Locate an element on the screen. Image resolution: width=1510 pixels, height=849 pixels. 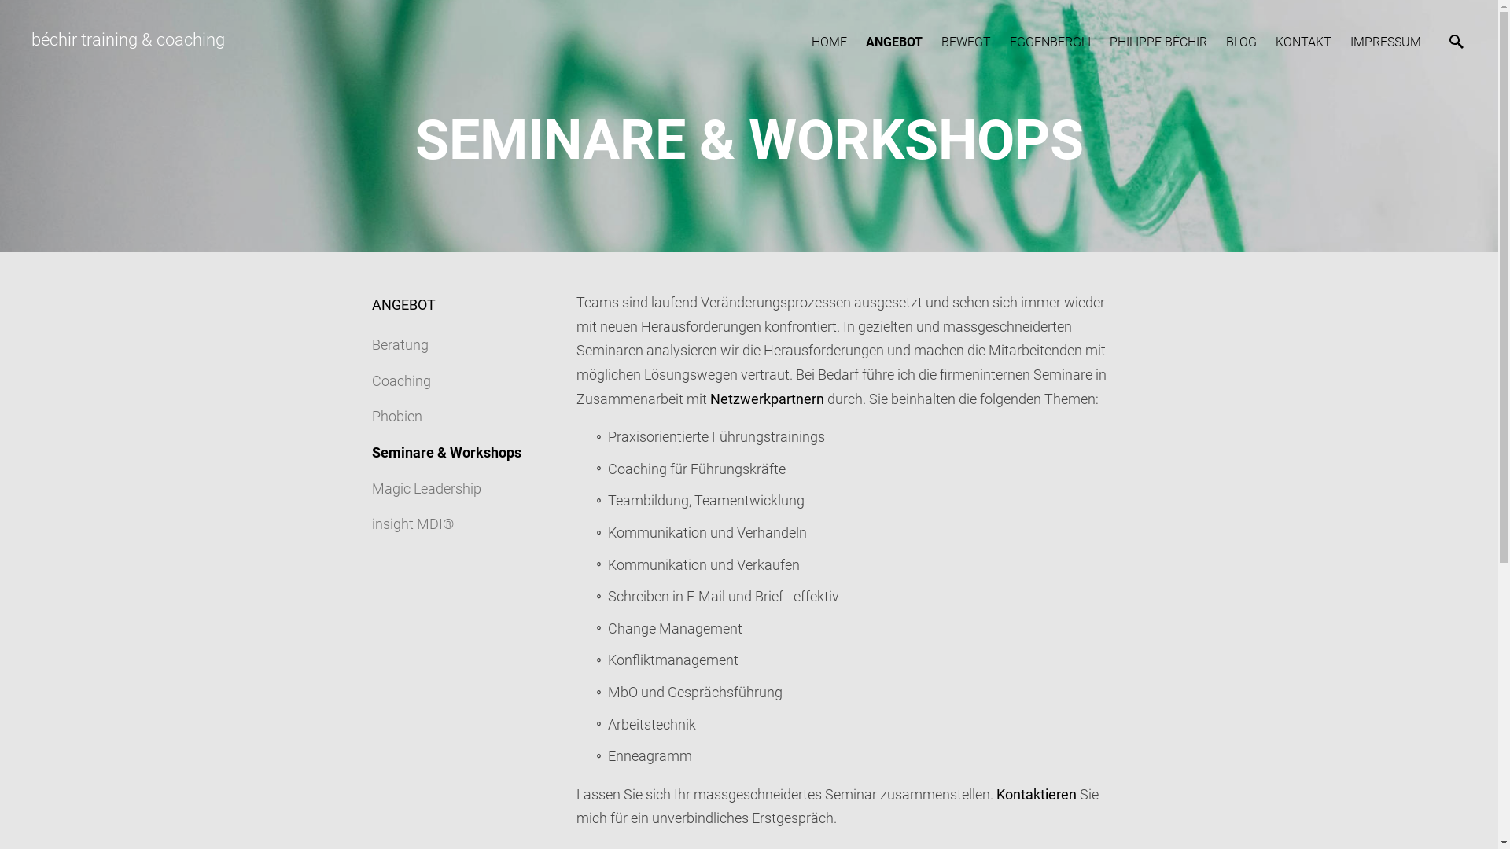
'ANGEBOT' is located at coordinates (894, 41).